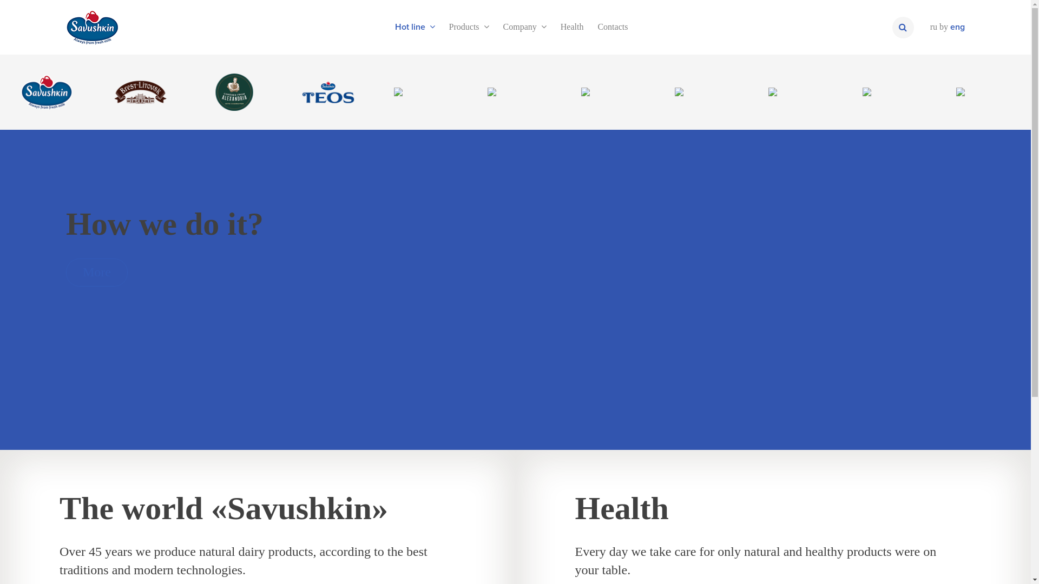 The image size is (1039, 584). What do you see at coordinates (943, 26) in the screenshot?
I see `'by'` at bounding box center [943, 26].